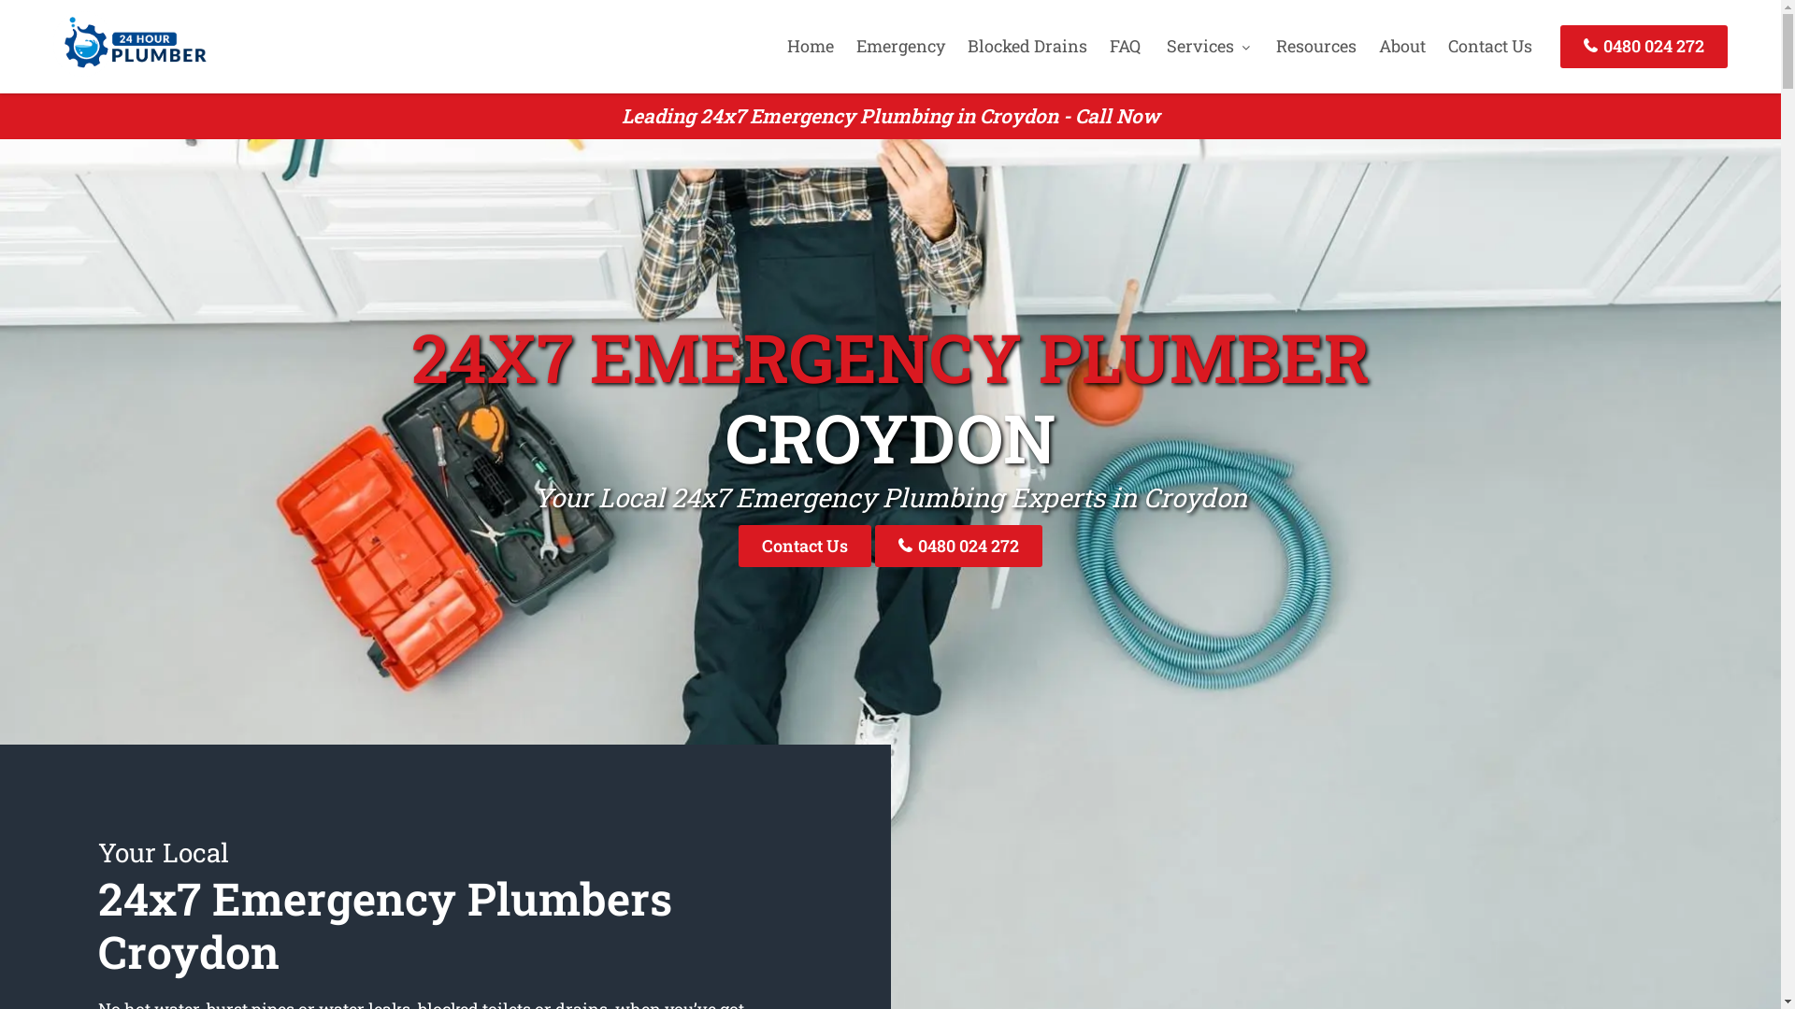 The image size is (1795, 1009). What do you see at coordinates (1314, 45) in the screenshot?
I see `'Resources'` at bounding box center [1314, 45].